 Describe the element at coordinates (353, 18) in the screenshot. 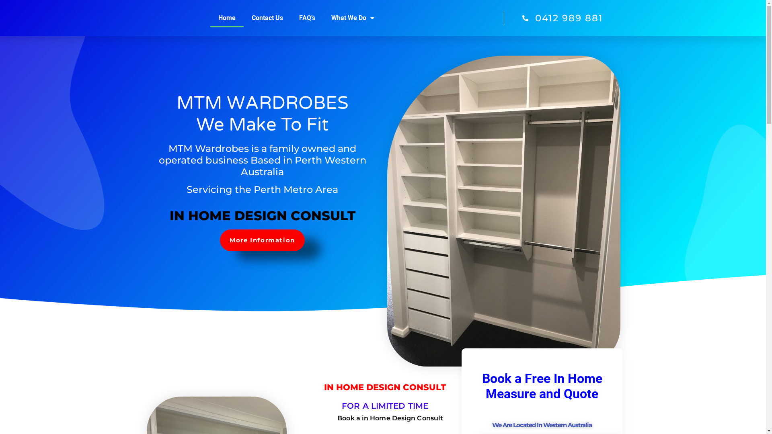

I see `'What We Do'` at that location.